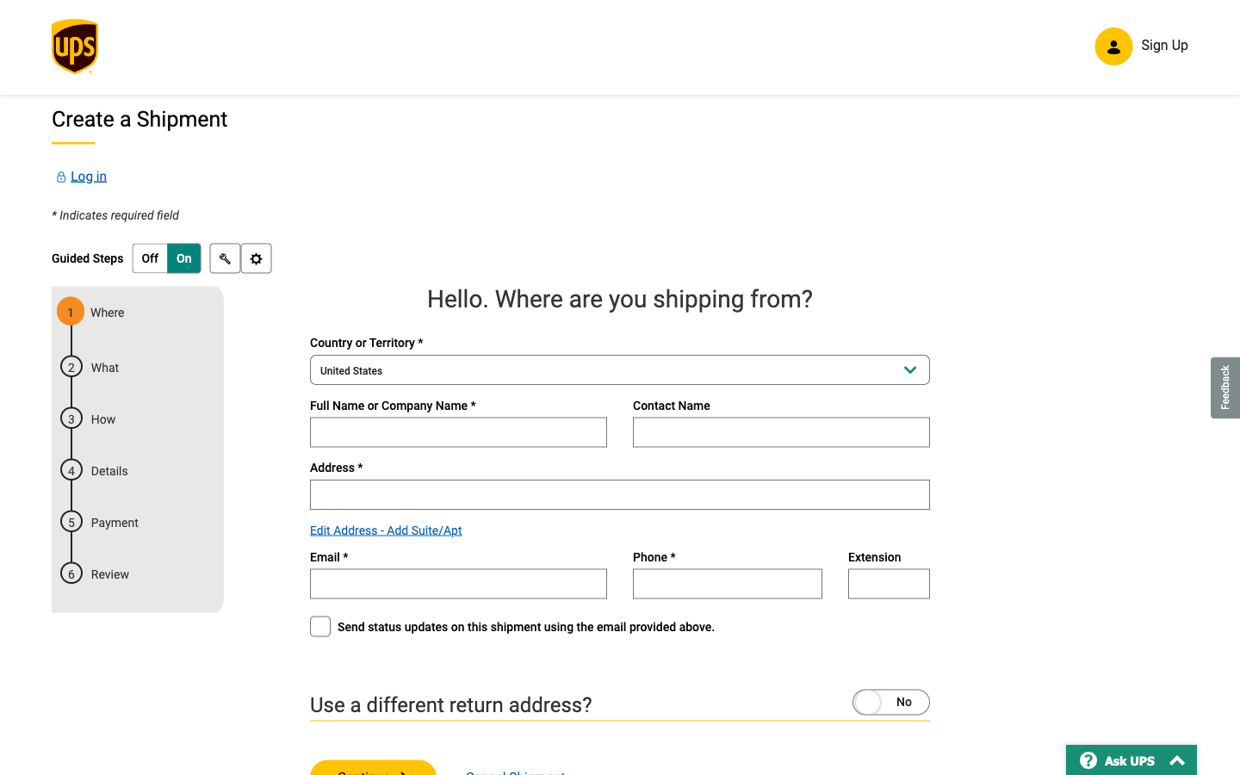 The height and width of the screenshot is (775, 1240). Describe the element at coordinates (74, 51) in the screenshot. I see `Navigate back to the UPS homepage` at that location.